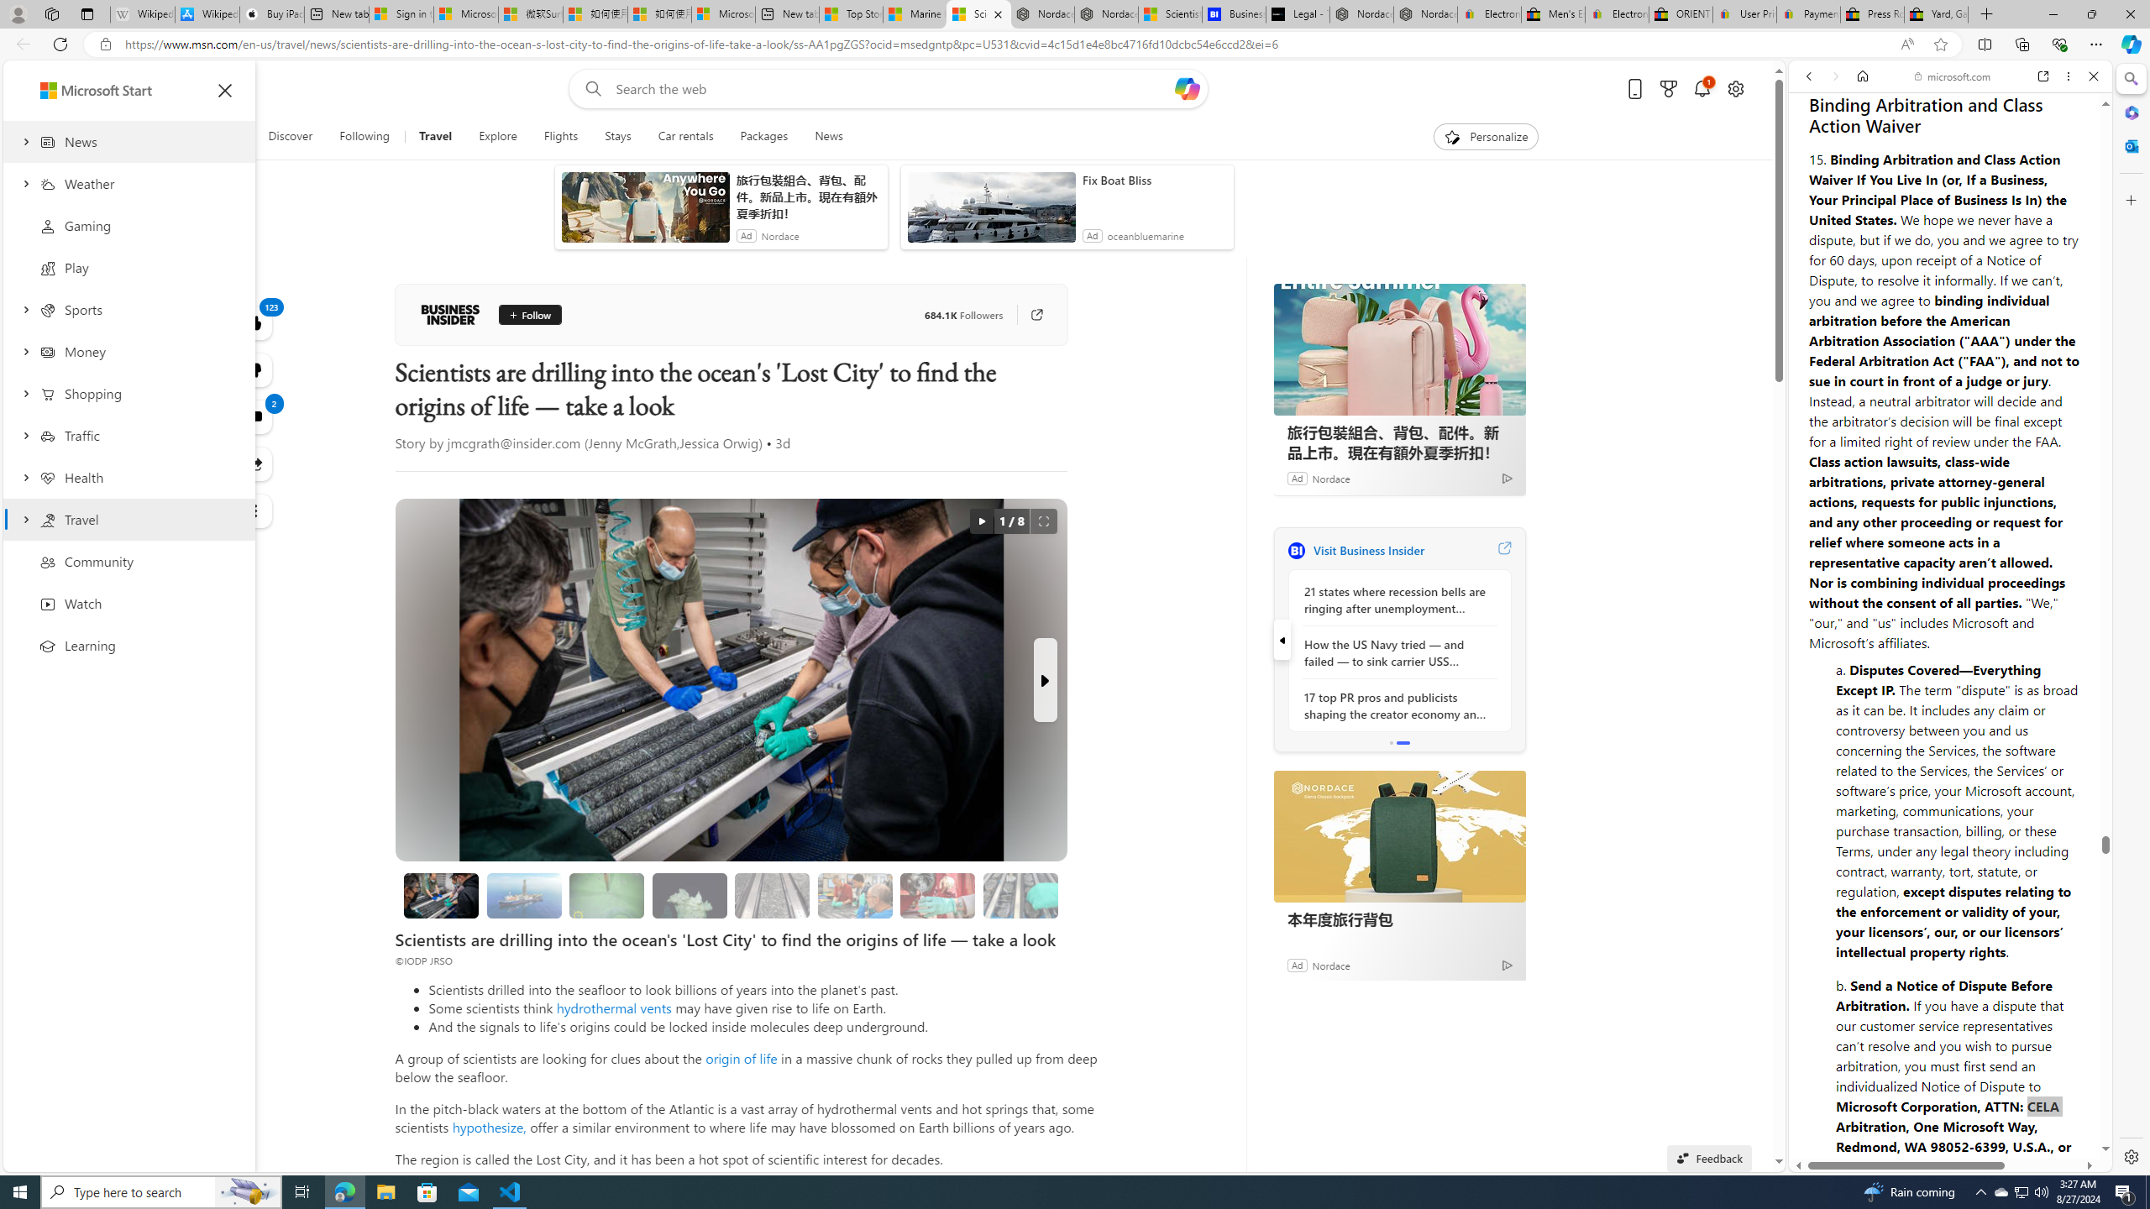 The height and width of the screenshot is (1209, 2150). I want to click on 'Car rentals', so click(684, 136).